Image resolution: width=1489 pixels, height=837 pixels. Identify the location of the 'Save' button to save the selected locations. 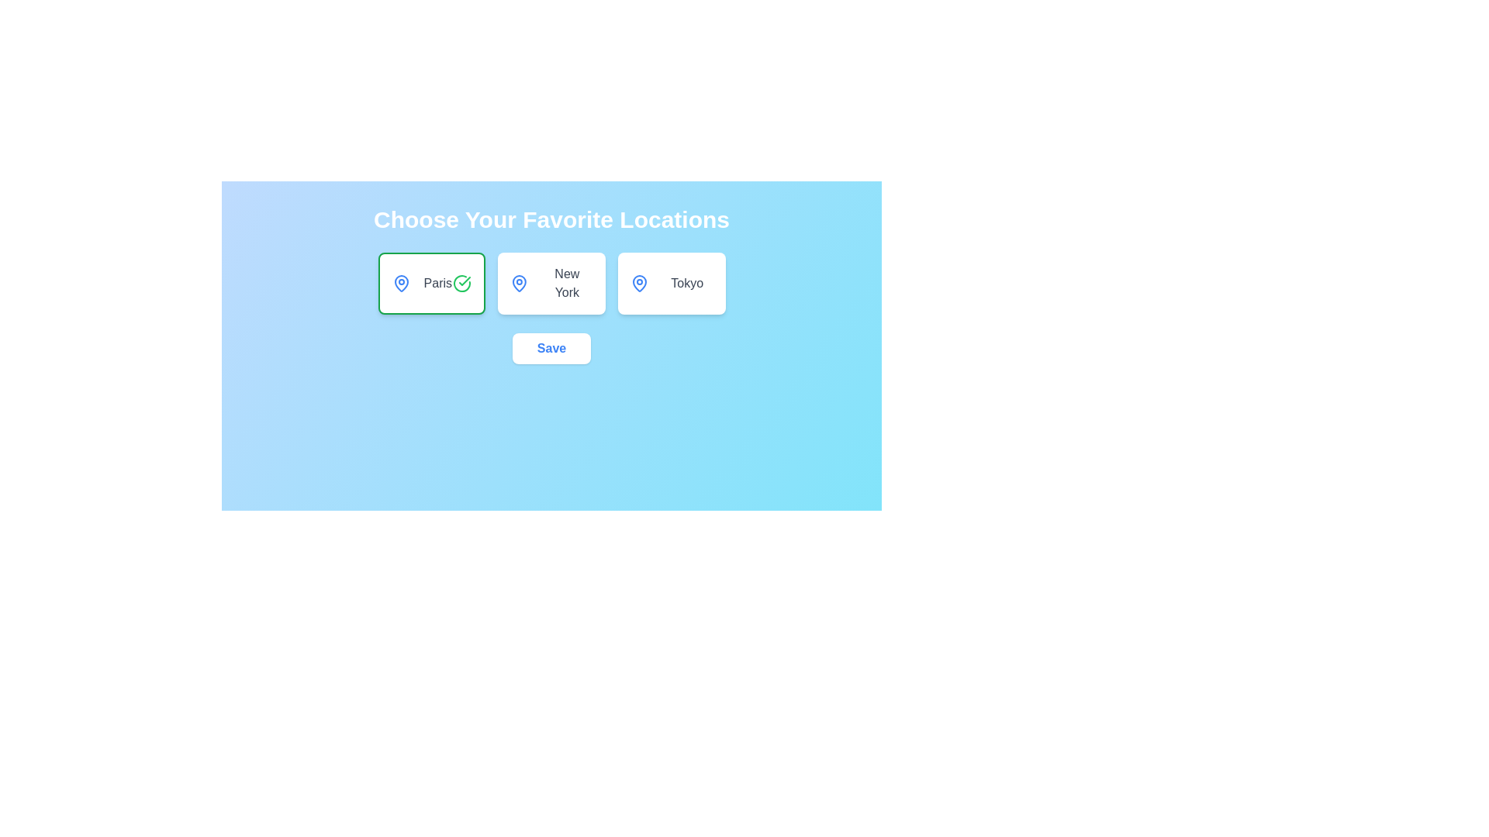
(551, 349).